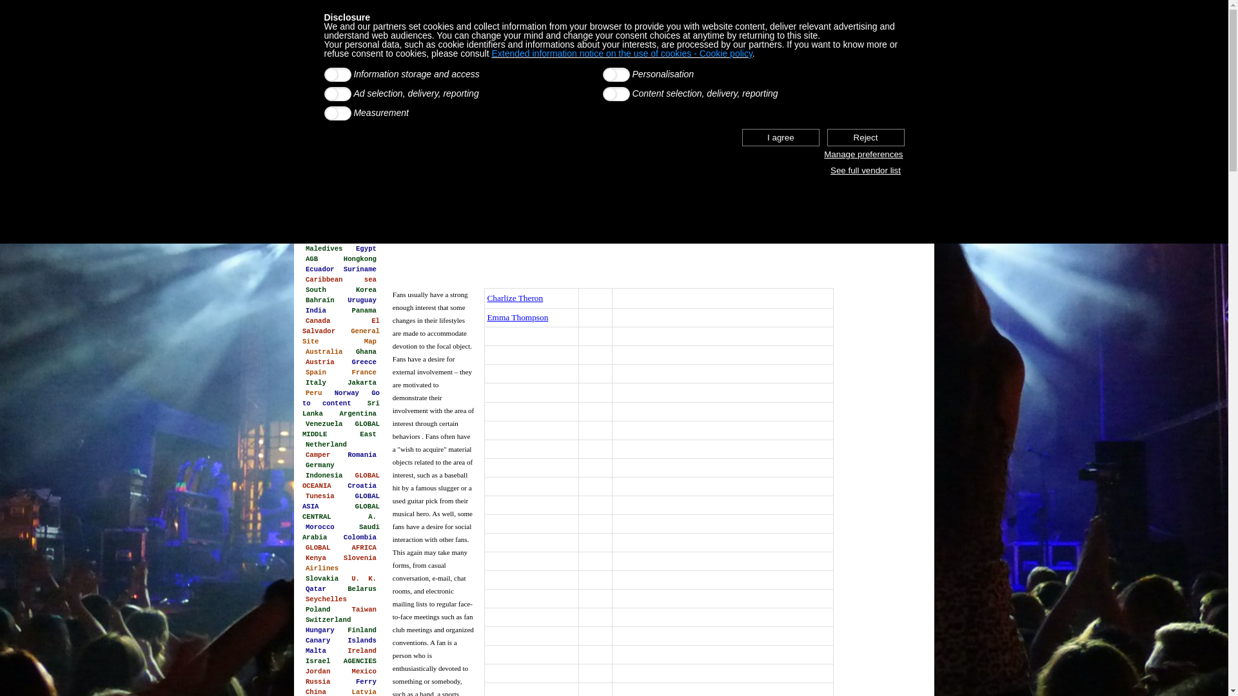 The image size is (1238, 696). Describe the element at coordinates (340, 532) in the screenshot. I see `'Saudi Arabia'` at that location.